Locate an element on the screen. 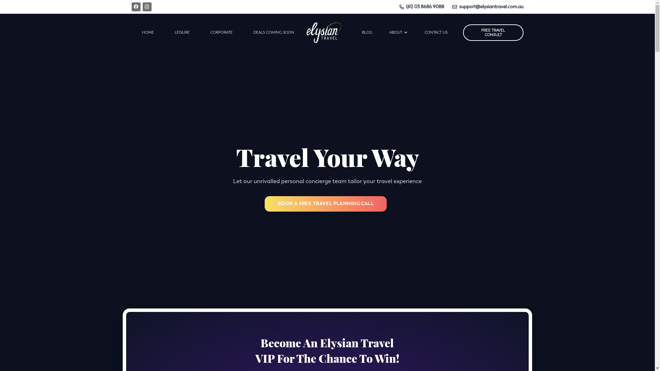  'support@elysiantravel.com.au' is located at coordinates (487, 7).